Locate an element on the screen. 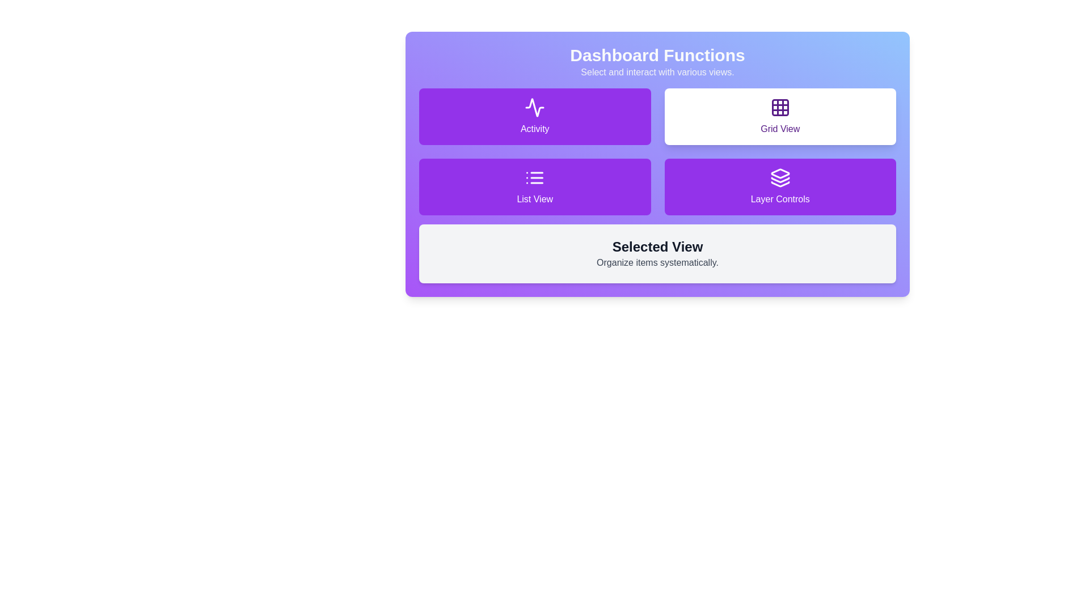  the 'Activity' text label which displays white text on a purple background, located in the upper-left quadrant of the grid layout under 'Dashboard Functions' is located at coordinates (534, 128).